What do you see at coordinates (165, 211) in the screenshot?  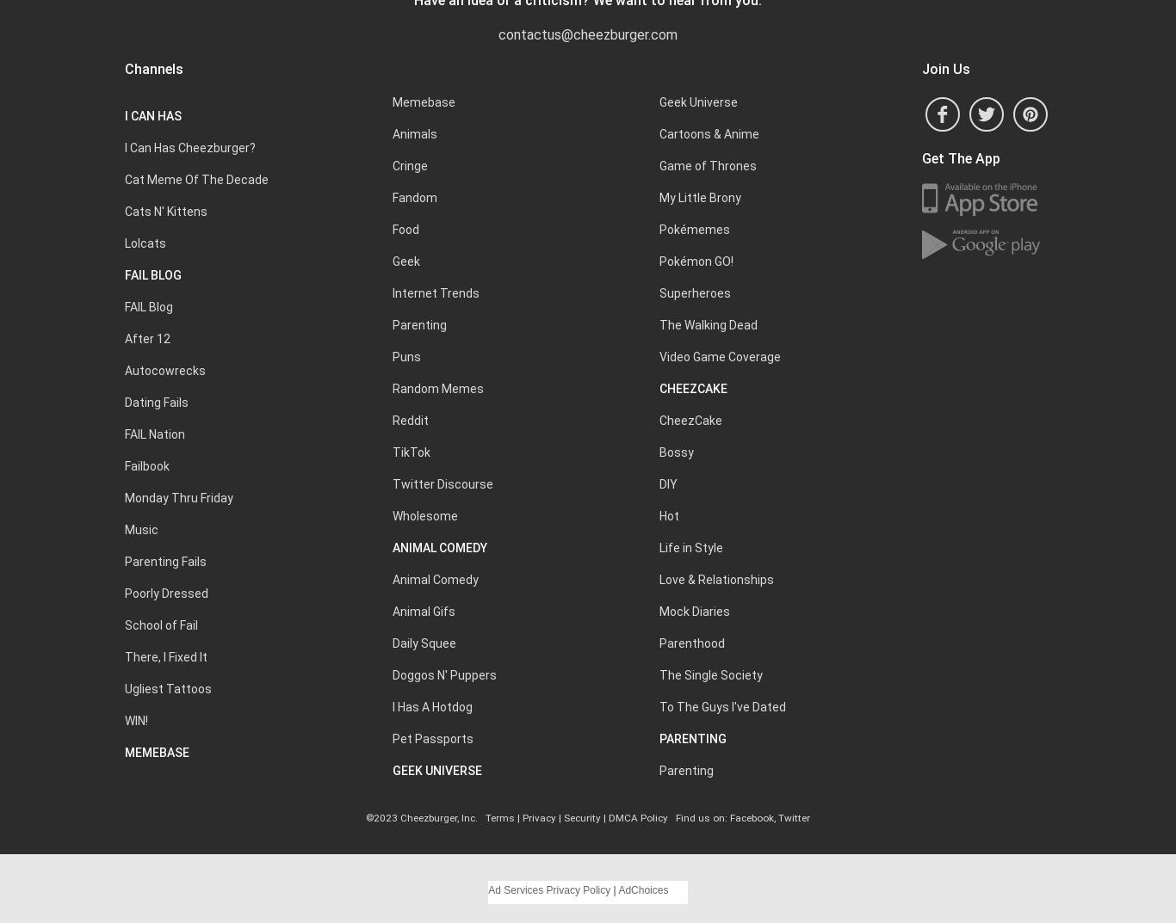 I see `'Cats N' Kittens'` at bounding box center [165, 211].